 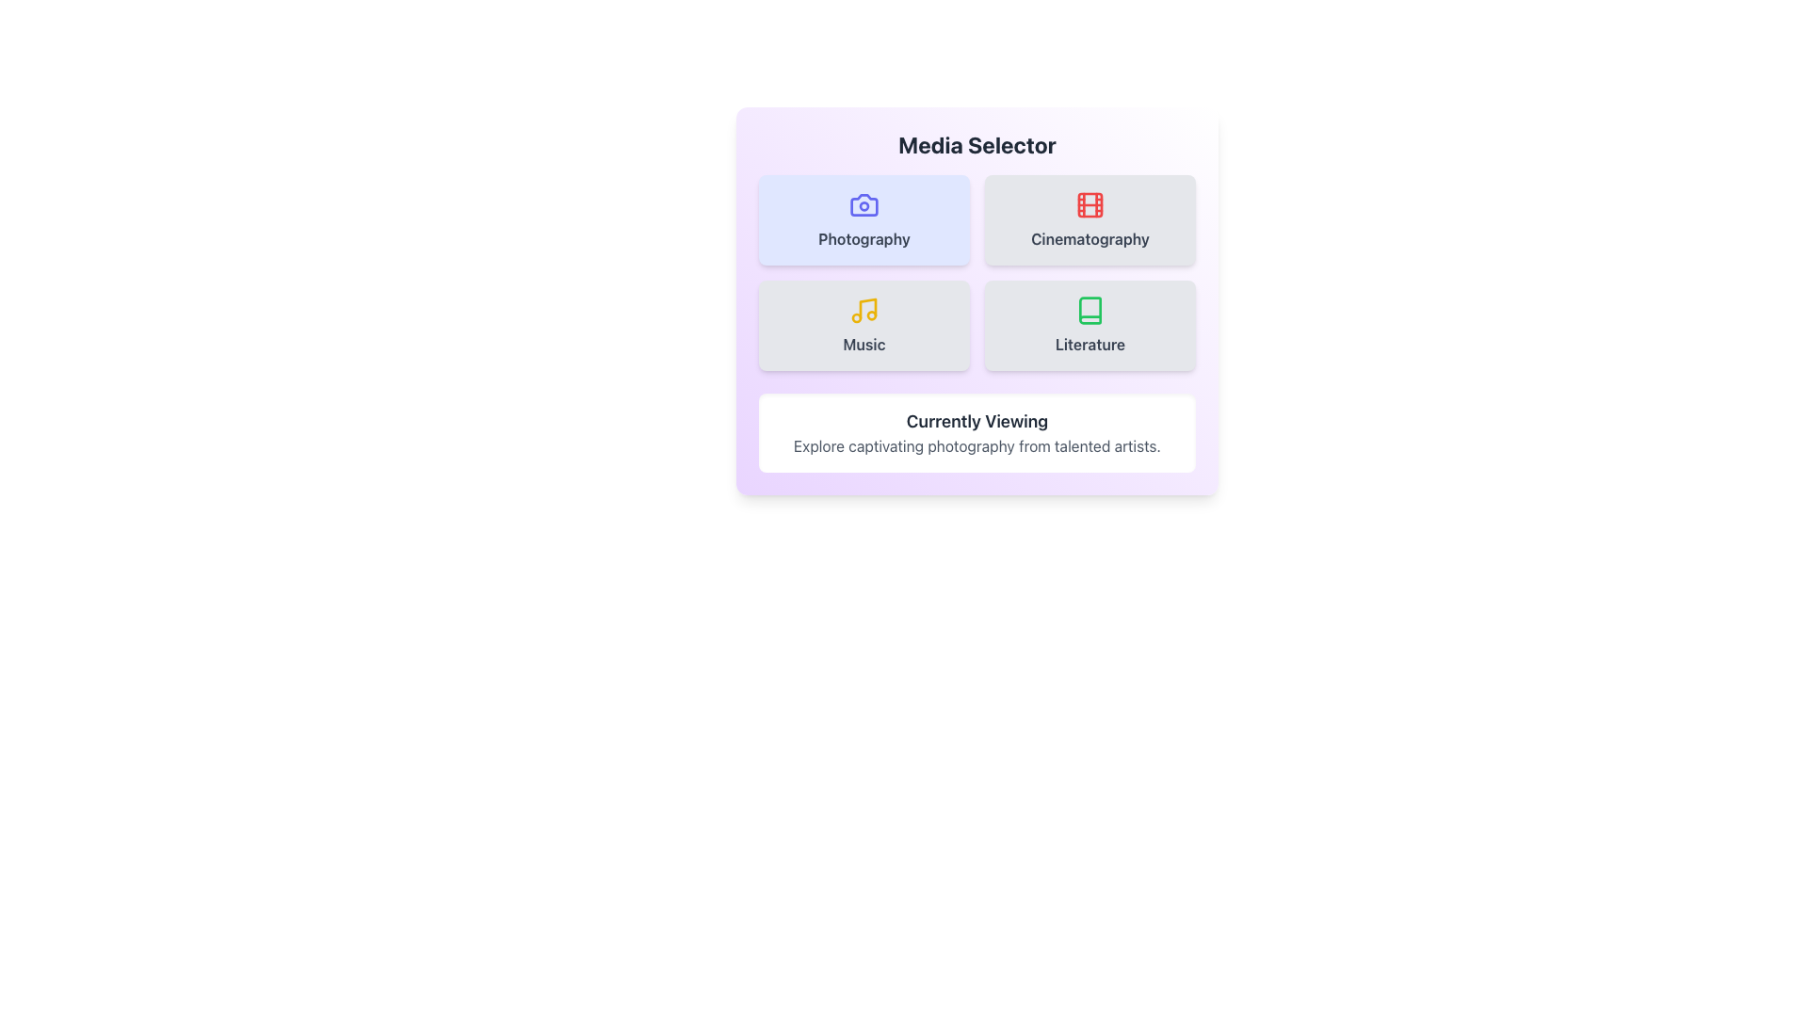 What do you see at coordinates (1090, 345) in the screenshot?
I see `the static text label reading 'Literature', which is in bold font and grayish-black color, located in the bottom-right section of a grid of selectable options` at bounding box center [1090, 345].